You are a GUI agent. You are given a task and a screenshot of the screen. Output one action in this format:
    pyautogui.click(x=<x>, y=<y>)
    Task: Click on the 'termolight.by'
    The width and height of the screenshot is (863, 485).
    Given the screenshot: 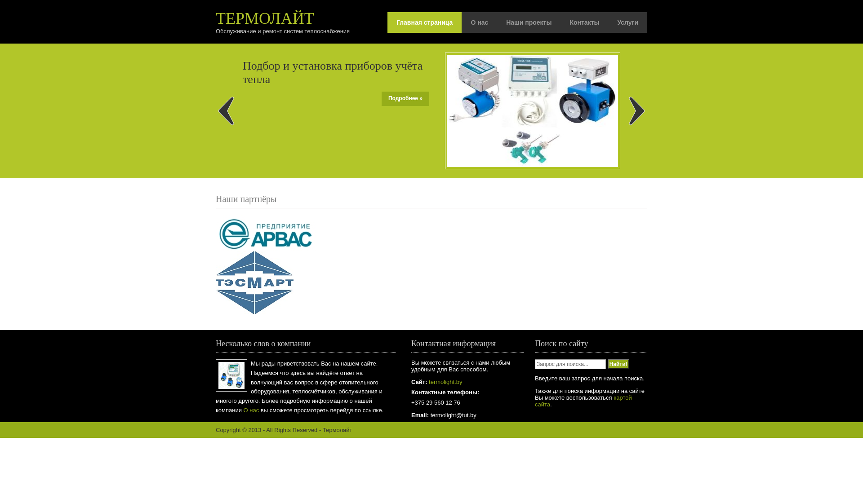 What is the action you would take?
    pyautogui.click(x=444, y=382)
    